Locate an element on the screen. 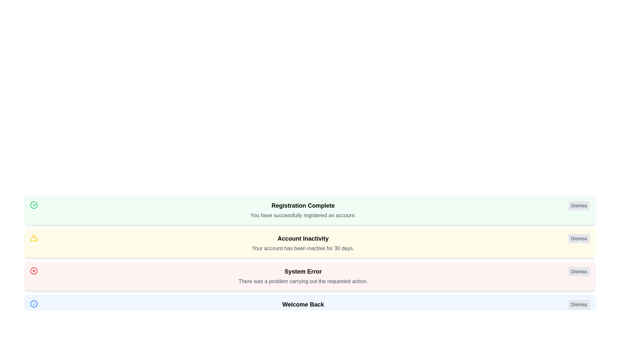  the 'Dismiss' button, which is a rectangular button with a light gray background and rounded corners, located at the far right of the 'System Error' message box is located at coordinates (579, 272).